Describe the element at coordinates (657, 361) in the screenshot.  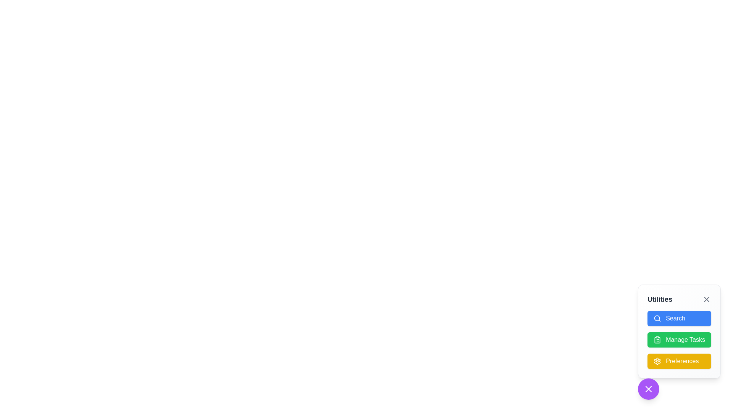
I see `the gear icon with a yellow background, which is positioned` at that location.